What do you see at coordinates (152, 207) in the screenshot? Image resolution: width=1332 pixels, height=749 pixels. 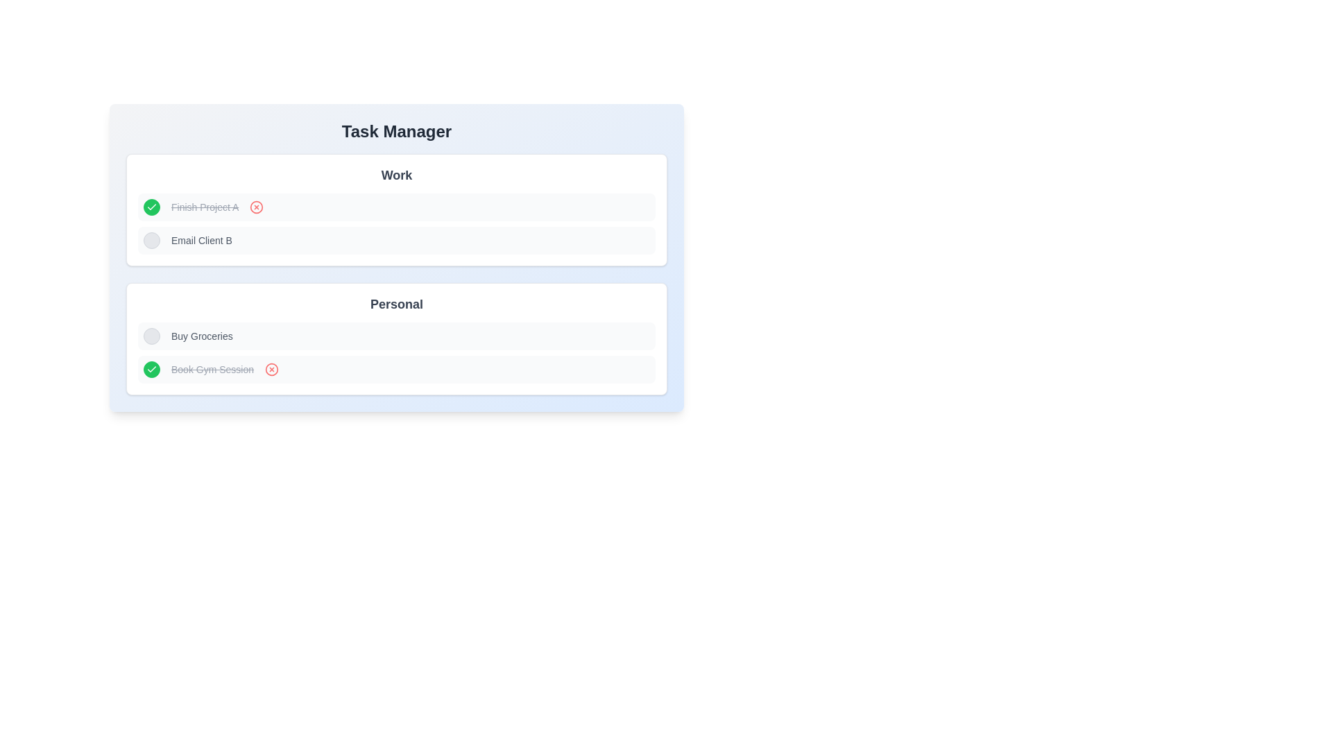 I see `the small circular green indicator with a white check mark, located to the left of the text 'Finish Project A' in the task manager interface` at bounding box center [152, 207].